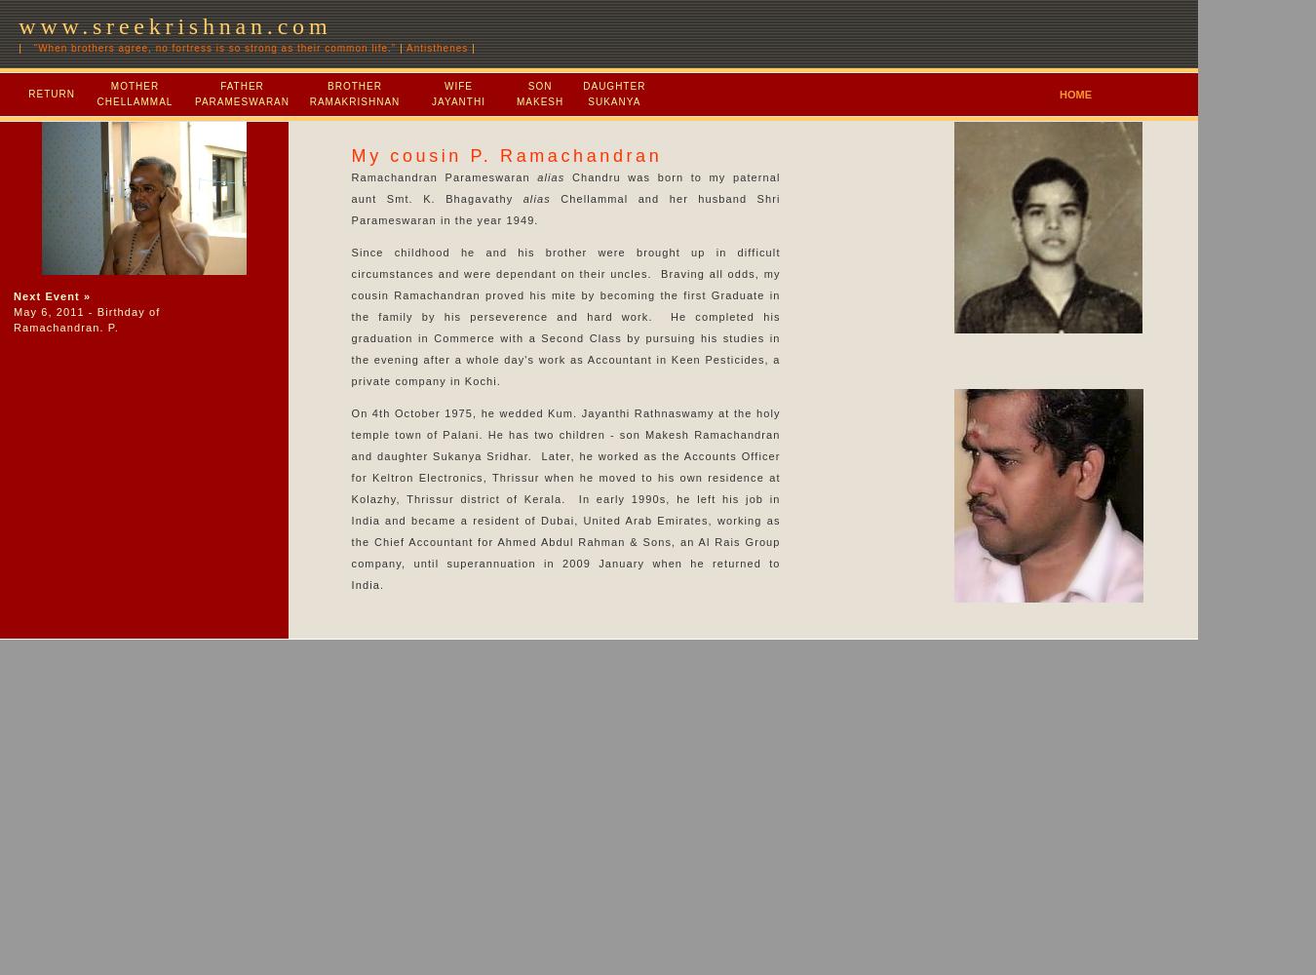  Describe the element at coordinates (351, 499) in the screenshot. I see `'On 4th October 1975, he wedded Kum. Jayanthi Rathnaswamy at the holy temple town of Palani. He has two children - son Makesh Ramachandran and daughter Sukanya Sridhar.  Later, he worked as the Accounts Officer for Keltron Electronics, Thrissur when he moved to his own residence at Kolazhy, Thrissur district of Kerala.  In early 1990s, he left his job in India and became a resident of Dubai, United Arab Emirates, working as the Chief Accountant for Ahmed Abdul Rahman & Sons, an Al Rais Group company, until superannuation in 2009 January when he returned to India.'` at that location.